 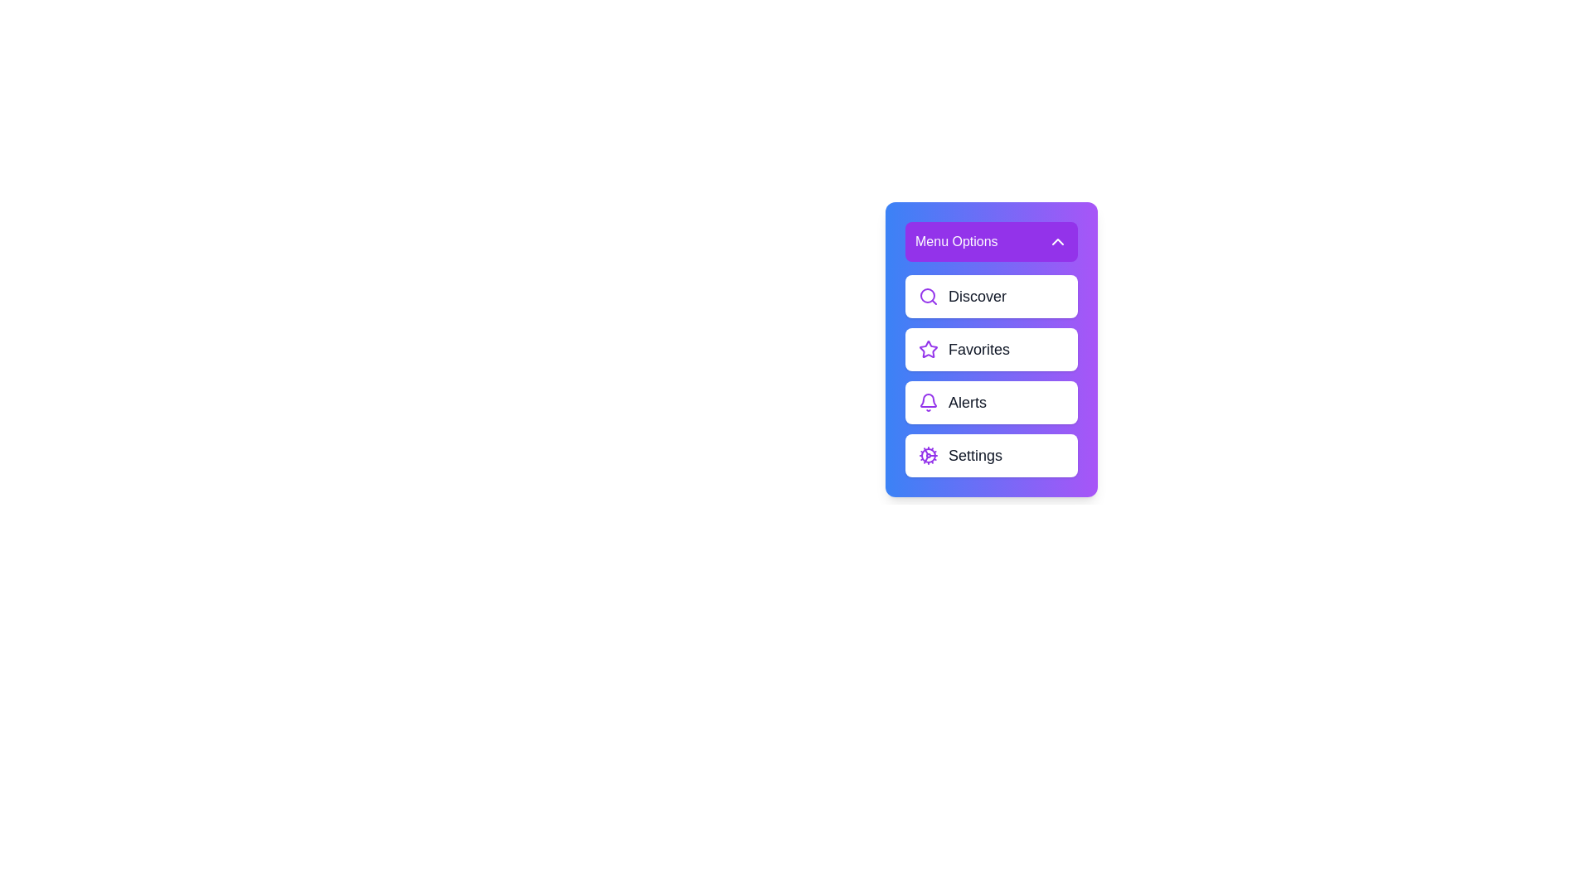 I want to click on the interactive navigation button located in the third segment of the vertical menu, so click(x=991, y=376).